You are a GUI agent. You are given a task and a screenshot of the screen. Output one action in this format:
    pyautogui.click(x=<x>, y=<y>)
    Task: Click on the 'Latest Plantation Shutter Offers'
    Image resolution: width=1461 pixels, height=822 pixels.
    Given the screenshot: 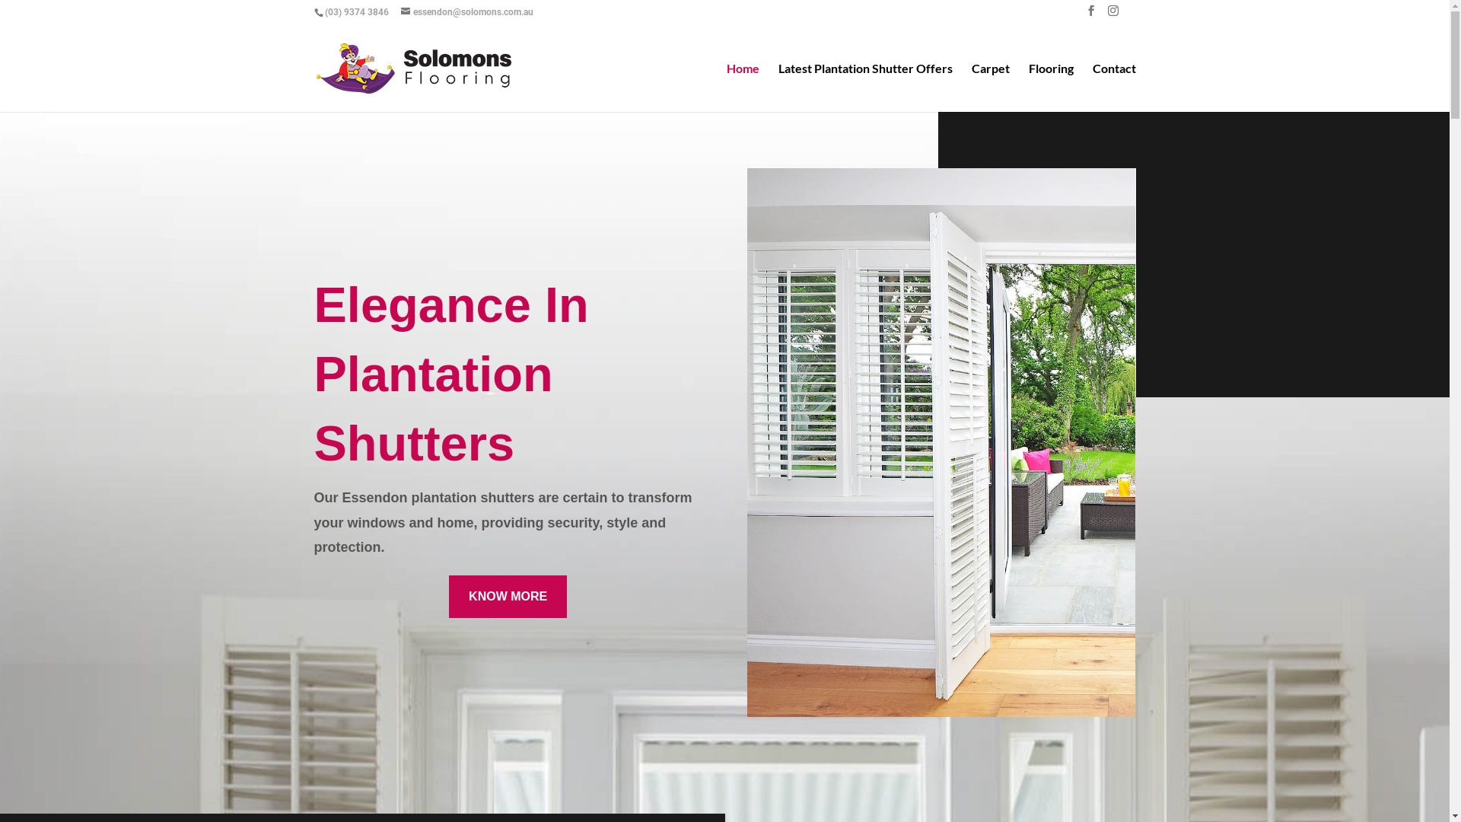 What is the action you would take?
    pyautogui.click(x=864, y=87)
    